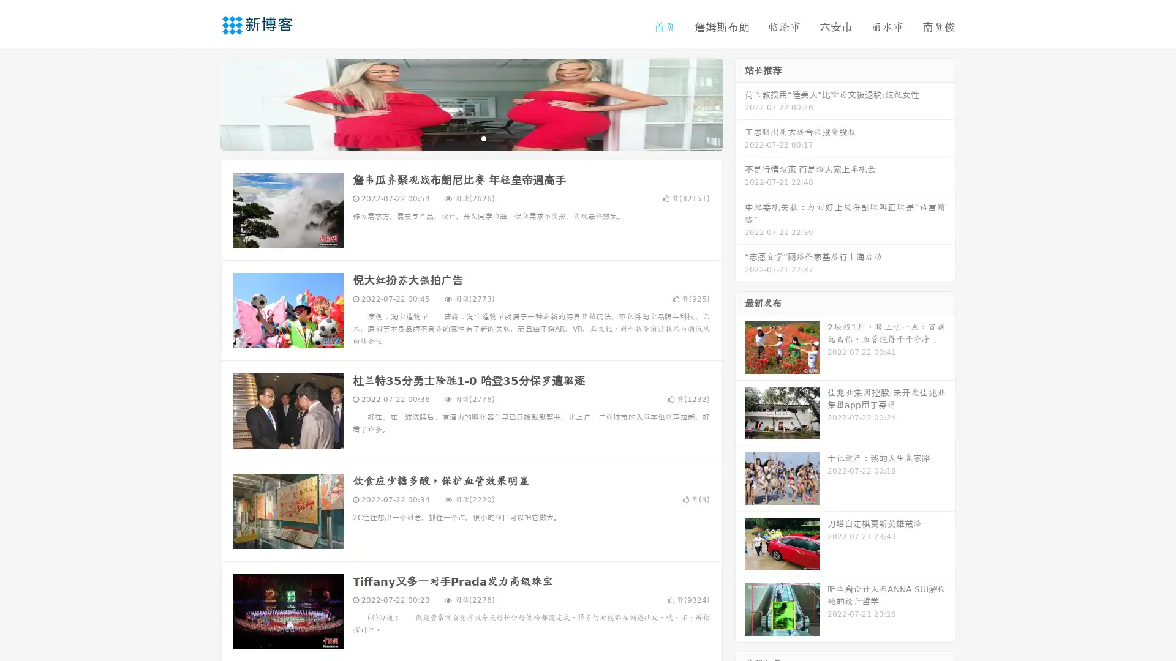 Image resolution: width=1176 pixels, height=661 pixels. Describe the element at coordinates (202, 103) in the screenshot. I see `Previous slide` at that location.